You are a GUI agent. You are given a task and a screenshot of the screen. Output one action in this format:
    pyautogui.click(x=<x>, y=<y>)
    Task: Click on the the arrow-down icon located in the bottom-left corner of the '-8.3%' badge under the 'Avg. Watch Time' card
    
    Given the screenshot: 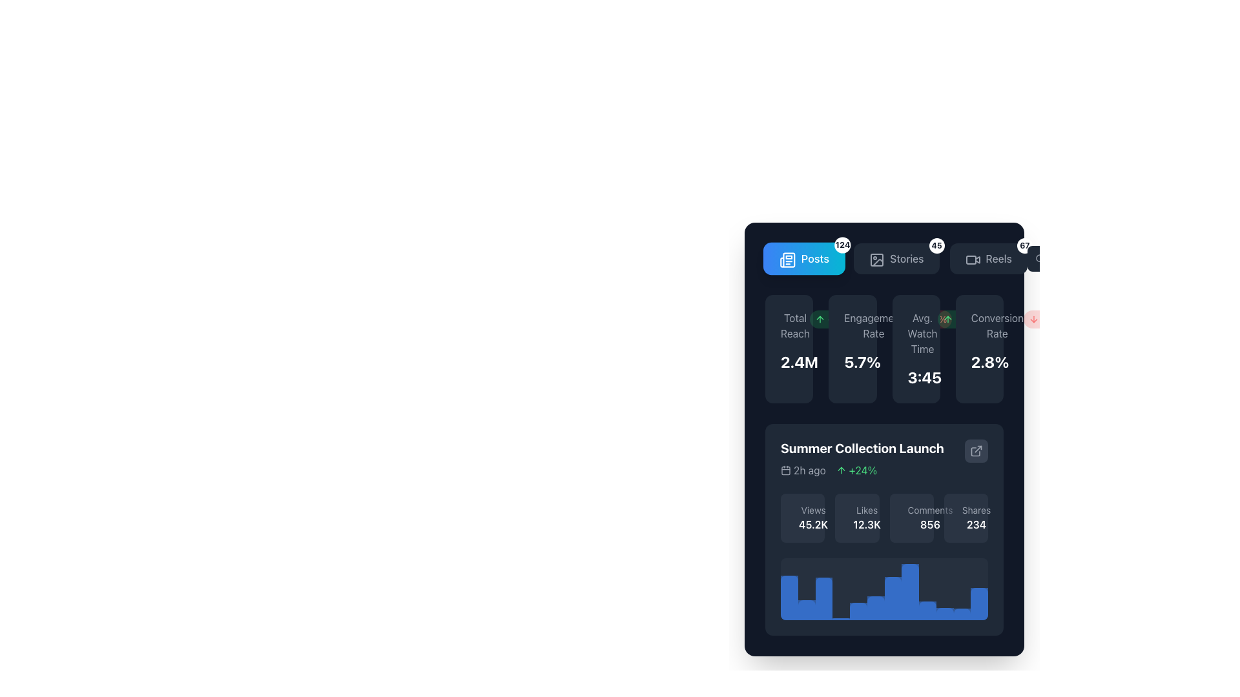 What is the action you would take?
    pyautogui.click(x=913, y=319)
    